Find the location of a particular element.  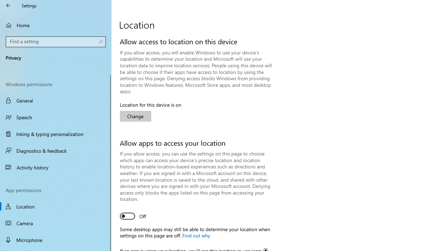

'Search box, Find a setting' is located at coordinates (56, 41).